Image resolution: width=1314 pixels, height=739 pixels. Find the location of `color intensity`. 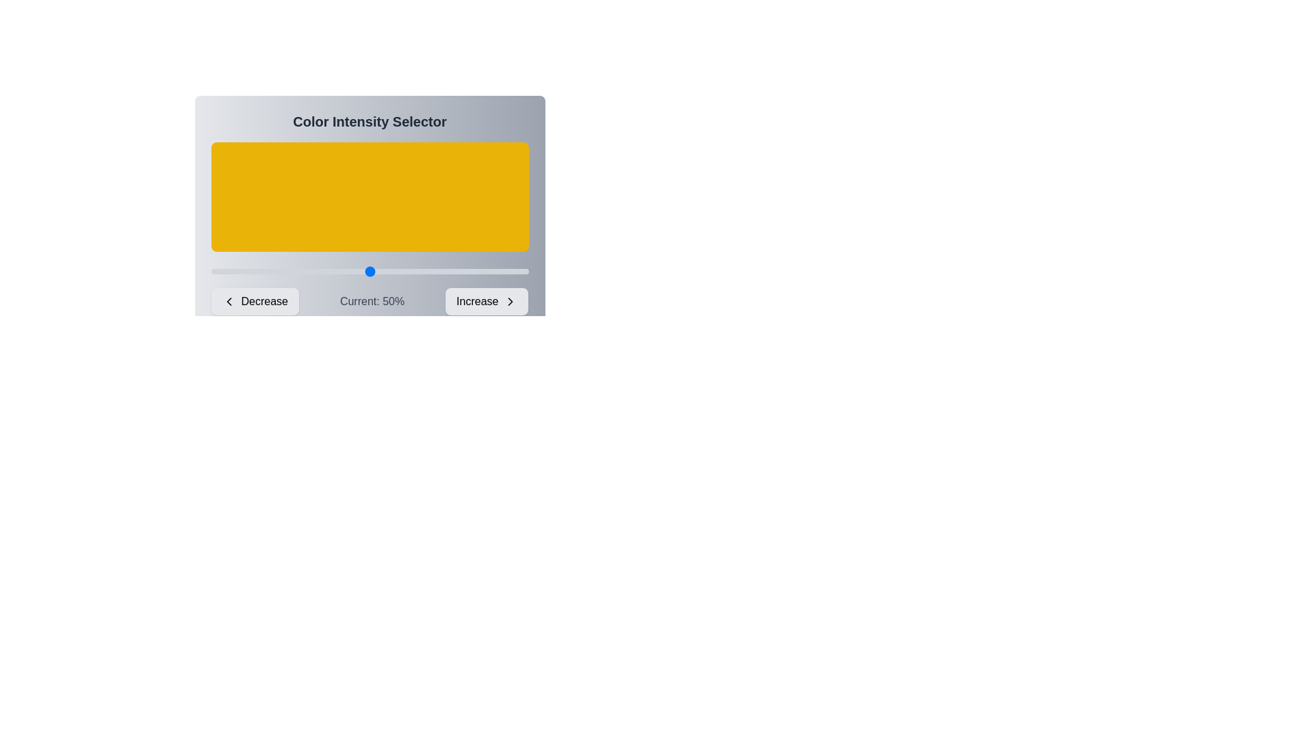

color intensity is located at coordinates (407, 272).